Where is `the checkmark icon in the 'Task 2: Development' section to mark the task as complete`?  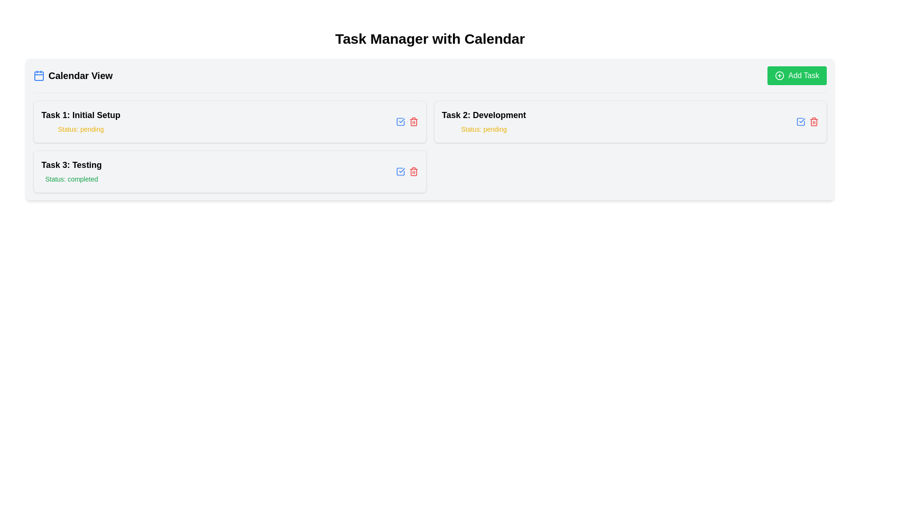
the checkmark icon in the 'Task 2: Development' section to mark the task as complete is located at coordinates (800, 121).